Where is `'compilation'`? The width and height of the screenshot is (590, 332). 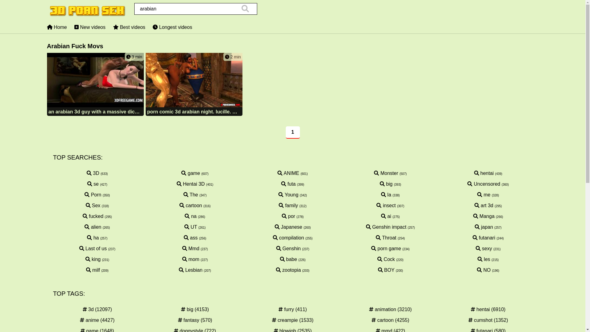 'compilation' is located at coordinates (288, 237).